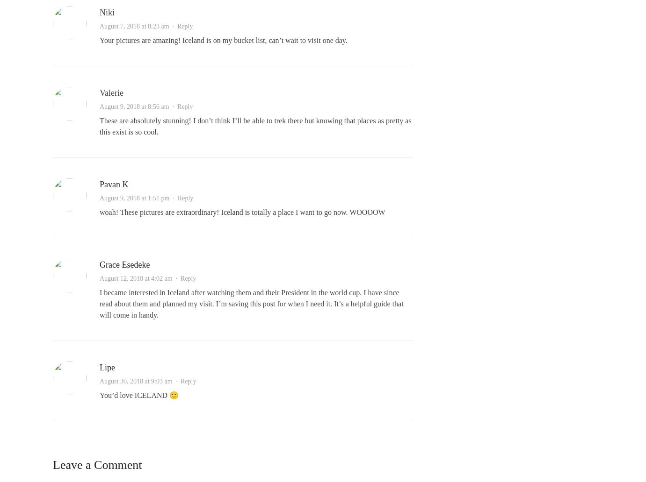 This screenshot has width=646, height=482. I want to click on 'August 12, 2018 at 4:02 am', so click(136, 278).